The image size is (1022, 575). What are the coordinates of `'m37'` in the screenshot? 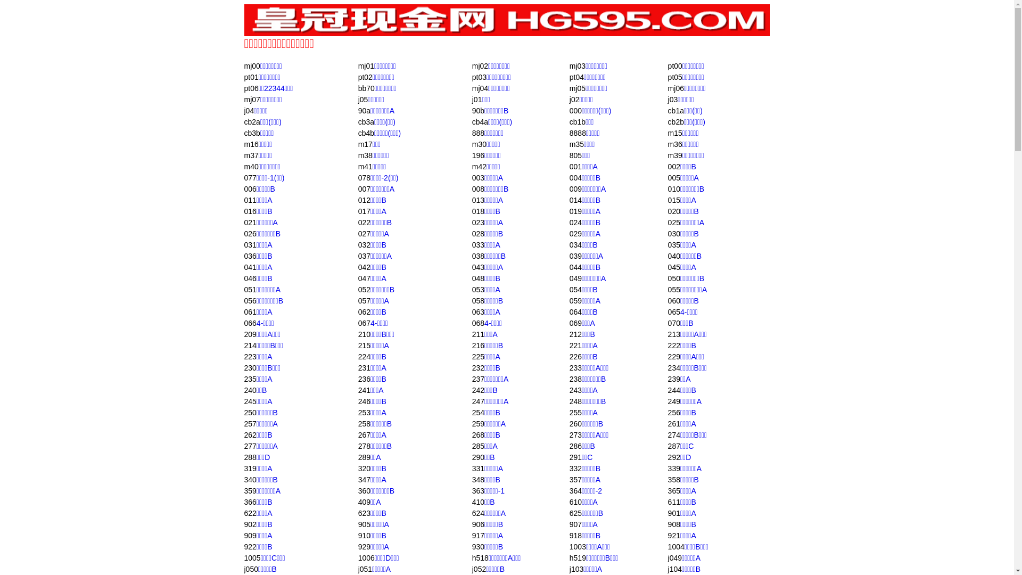 It's located at (250, 155).